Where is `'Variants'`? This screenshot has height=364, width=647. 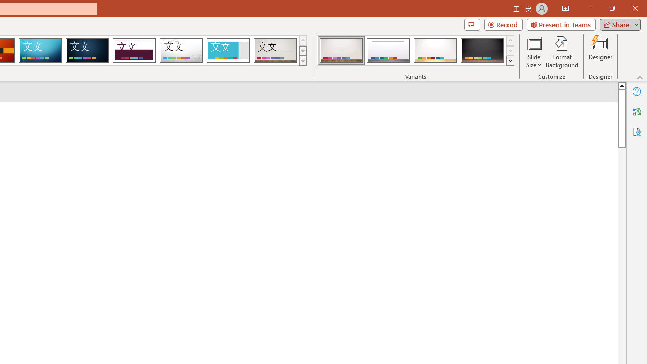
'Variants' is located at coordinates (510, 61).